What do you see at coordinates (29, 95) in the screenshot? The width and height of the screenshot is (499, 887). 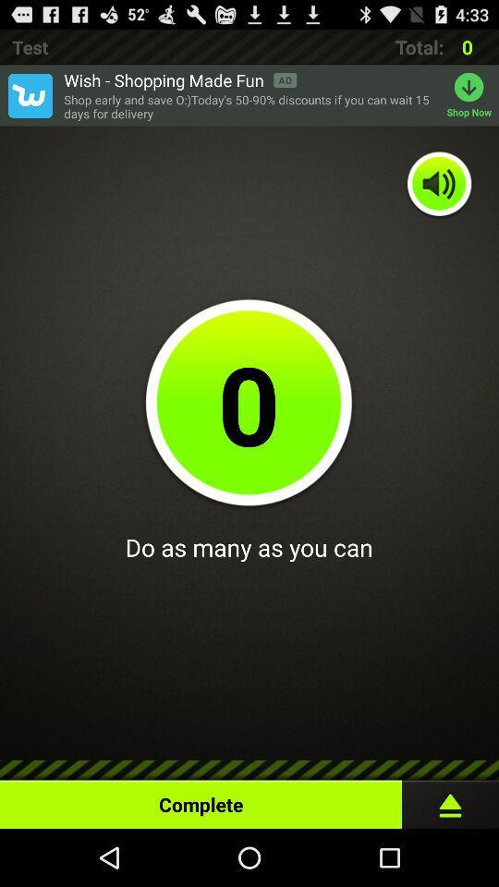 I see `open the advertisement` at bounding box center [29, 95].